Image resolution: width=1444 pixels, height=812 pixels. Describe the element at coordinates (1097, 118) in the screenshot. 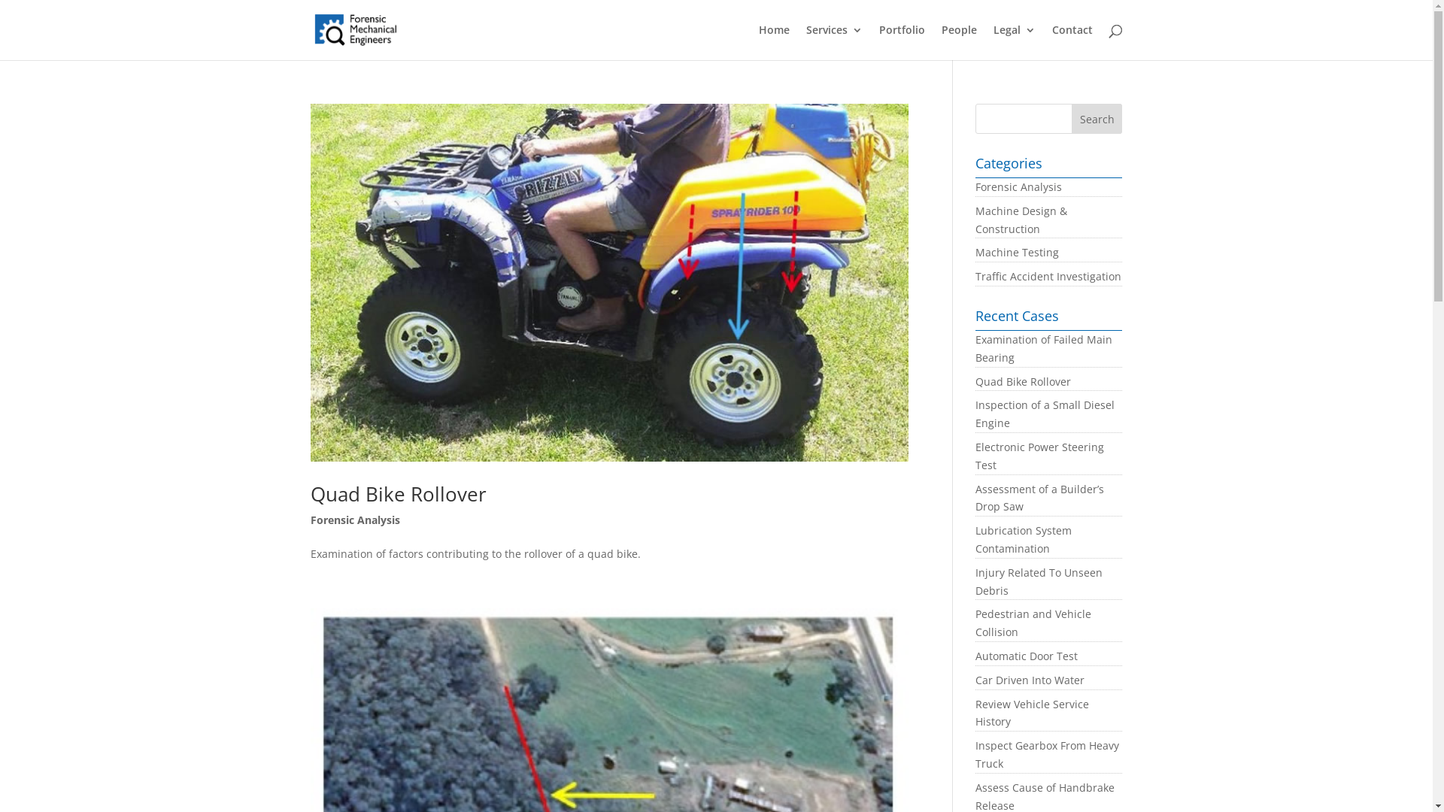

I see `'Search'` at that location.